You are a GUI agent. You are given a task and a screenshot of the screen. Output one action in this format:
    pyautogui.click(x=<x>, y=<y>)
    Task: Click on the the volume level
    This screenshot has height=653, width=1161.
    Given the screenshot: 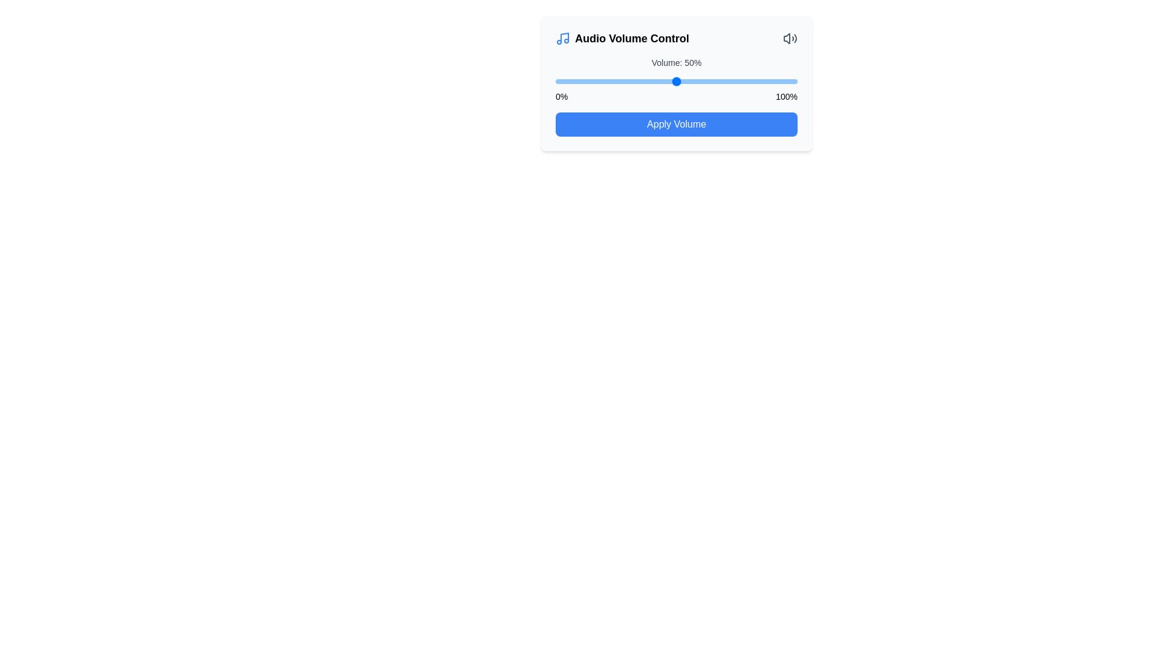 What is the action you would take?
    pyautogui.click(x=559, y=82)
    